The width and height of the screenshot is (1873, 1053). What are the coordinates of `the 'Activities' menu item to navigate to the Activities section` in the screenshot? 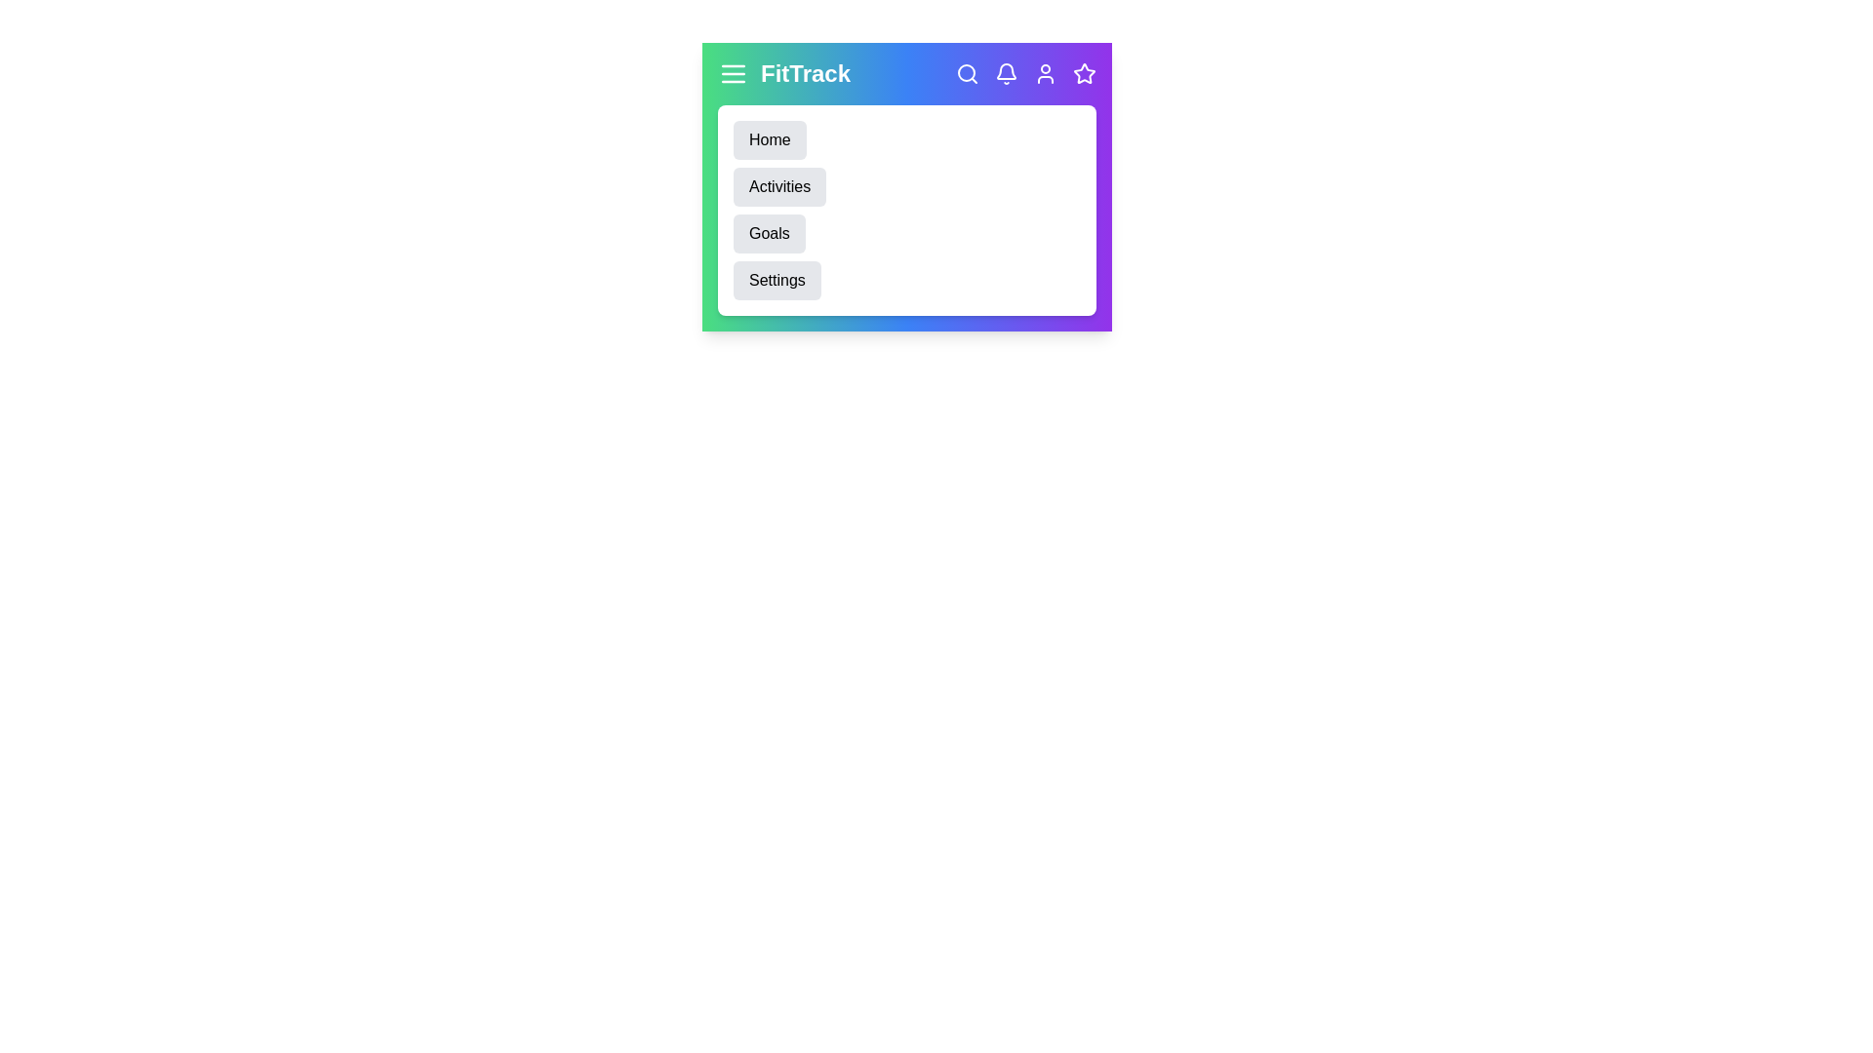 It's located at (778, 187).